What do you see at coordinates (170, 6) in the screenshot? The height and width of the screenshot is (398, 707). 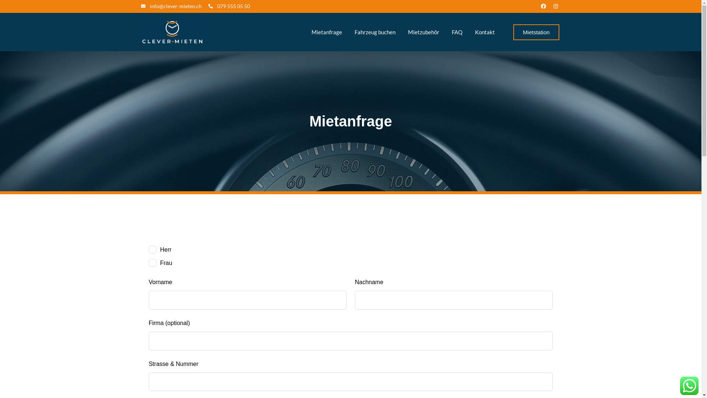 I see `'info@clever-mieten.ch'` at bounding box center [170, 6].